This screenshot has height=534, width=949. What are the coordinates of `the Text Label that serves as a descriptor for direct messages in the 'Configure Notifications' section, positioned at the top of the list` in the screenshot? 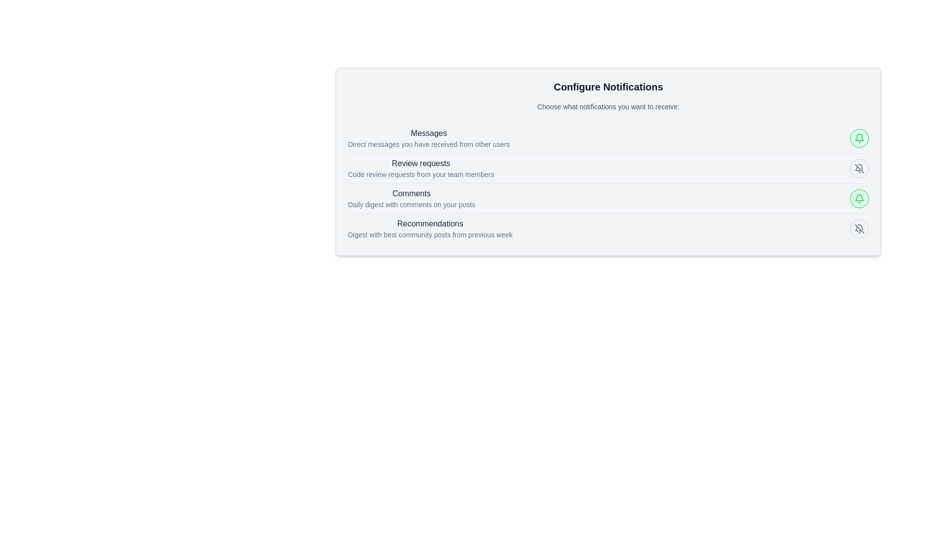 It's located at (429, 138).